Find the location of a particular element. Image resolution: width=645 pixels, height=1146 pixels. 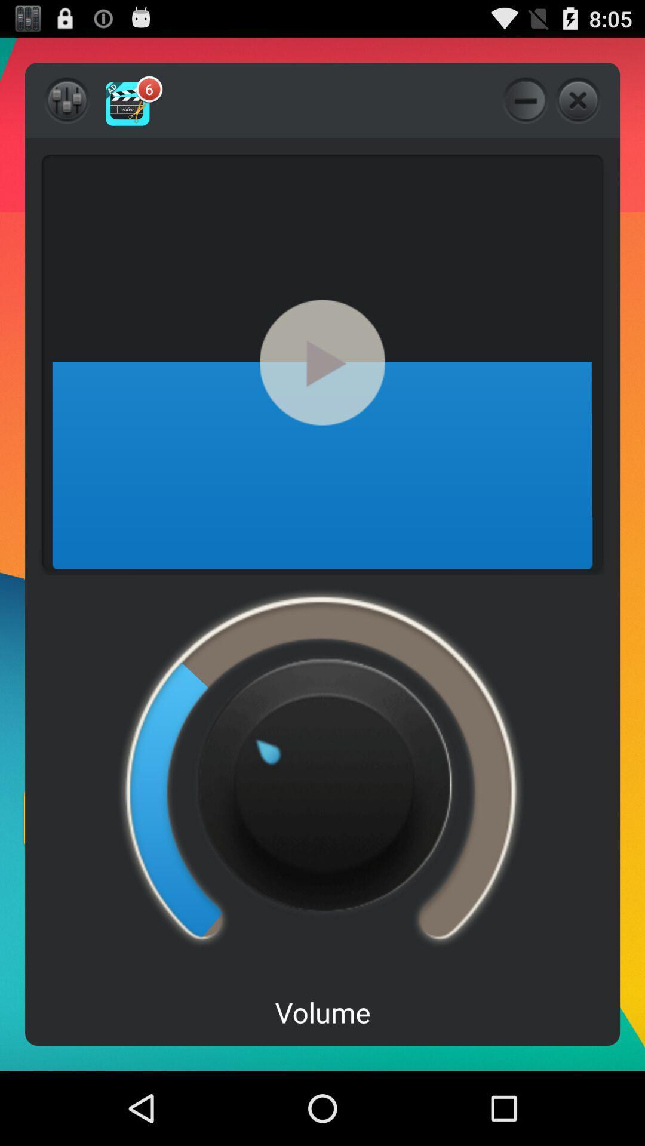

the close icon is located at coordinates (577, 107).